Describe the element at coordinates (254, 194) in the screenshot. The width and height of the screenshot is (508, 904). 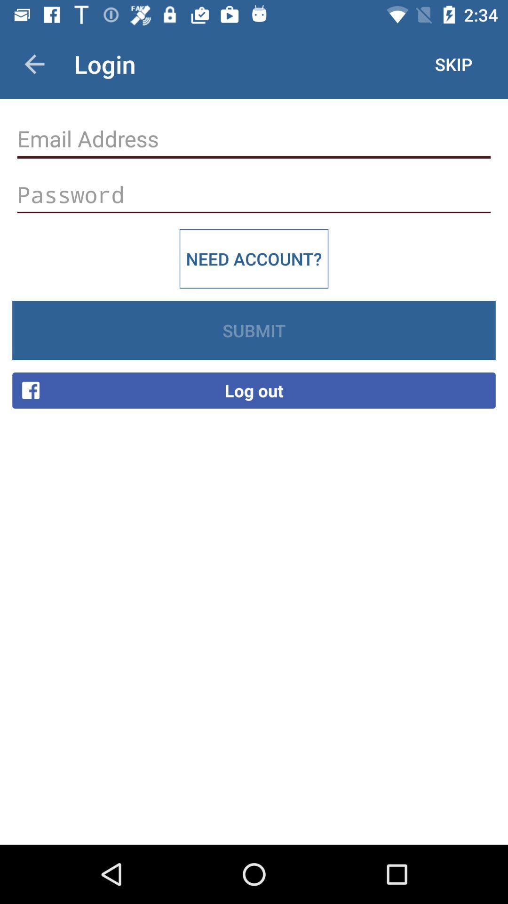
I see `insert password` at that location.